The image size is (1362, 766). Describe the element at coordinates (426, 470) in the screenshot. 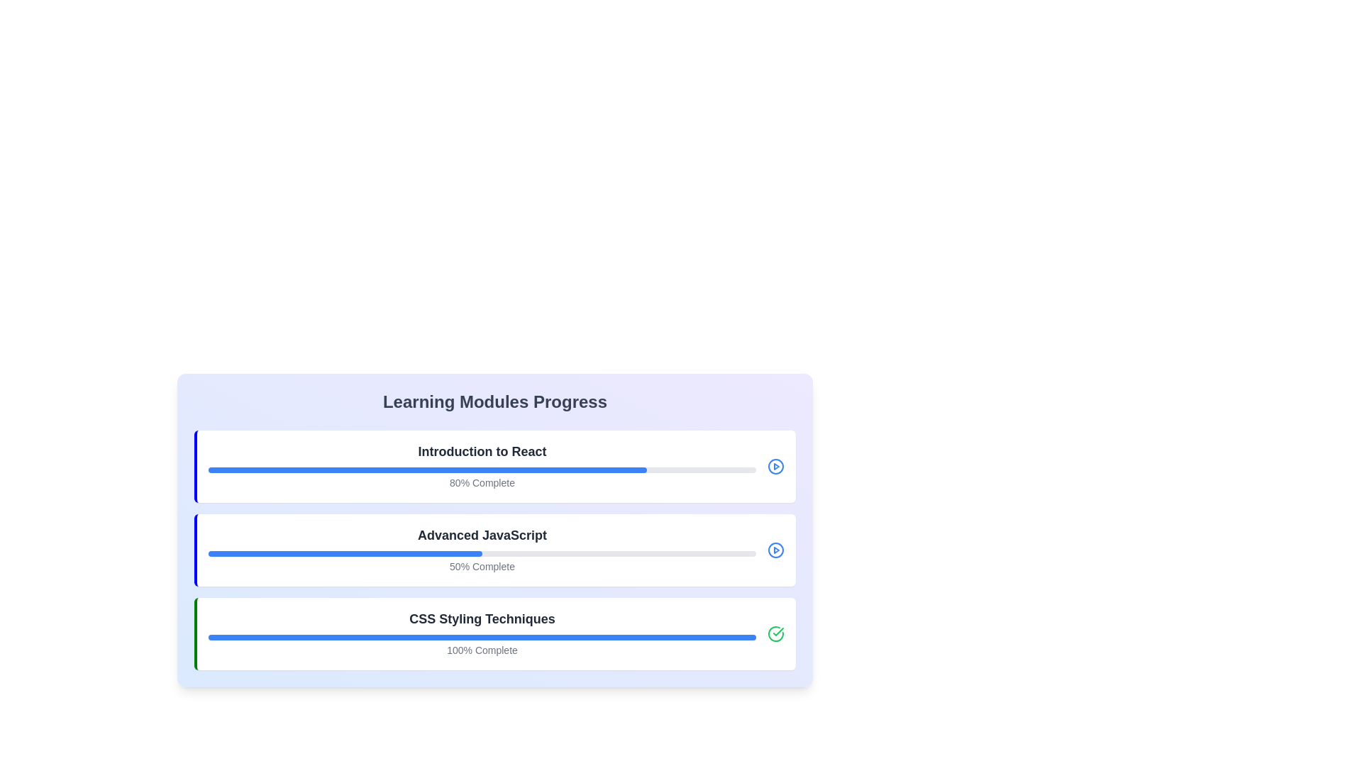

I see `the progress representation bar indicating 80% completion of the 'Introduction to React' learning module` at that location.